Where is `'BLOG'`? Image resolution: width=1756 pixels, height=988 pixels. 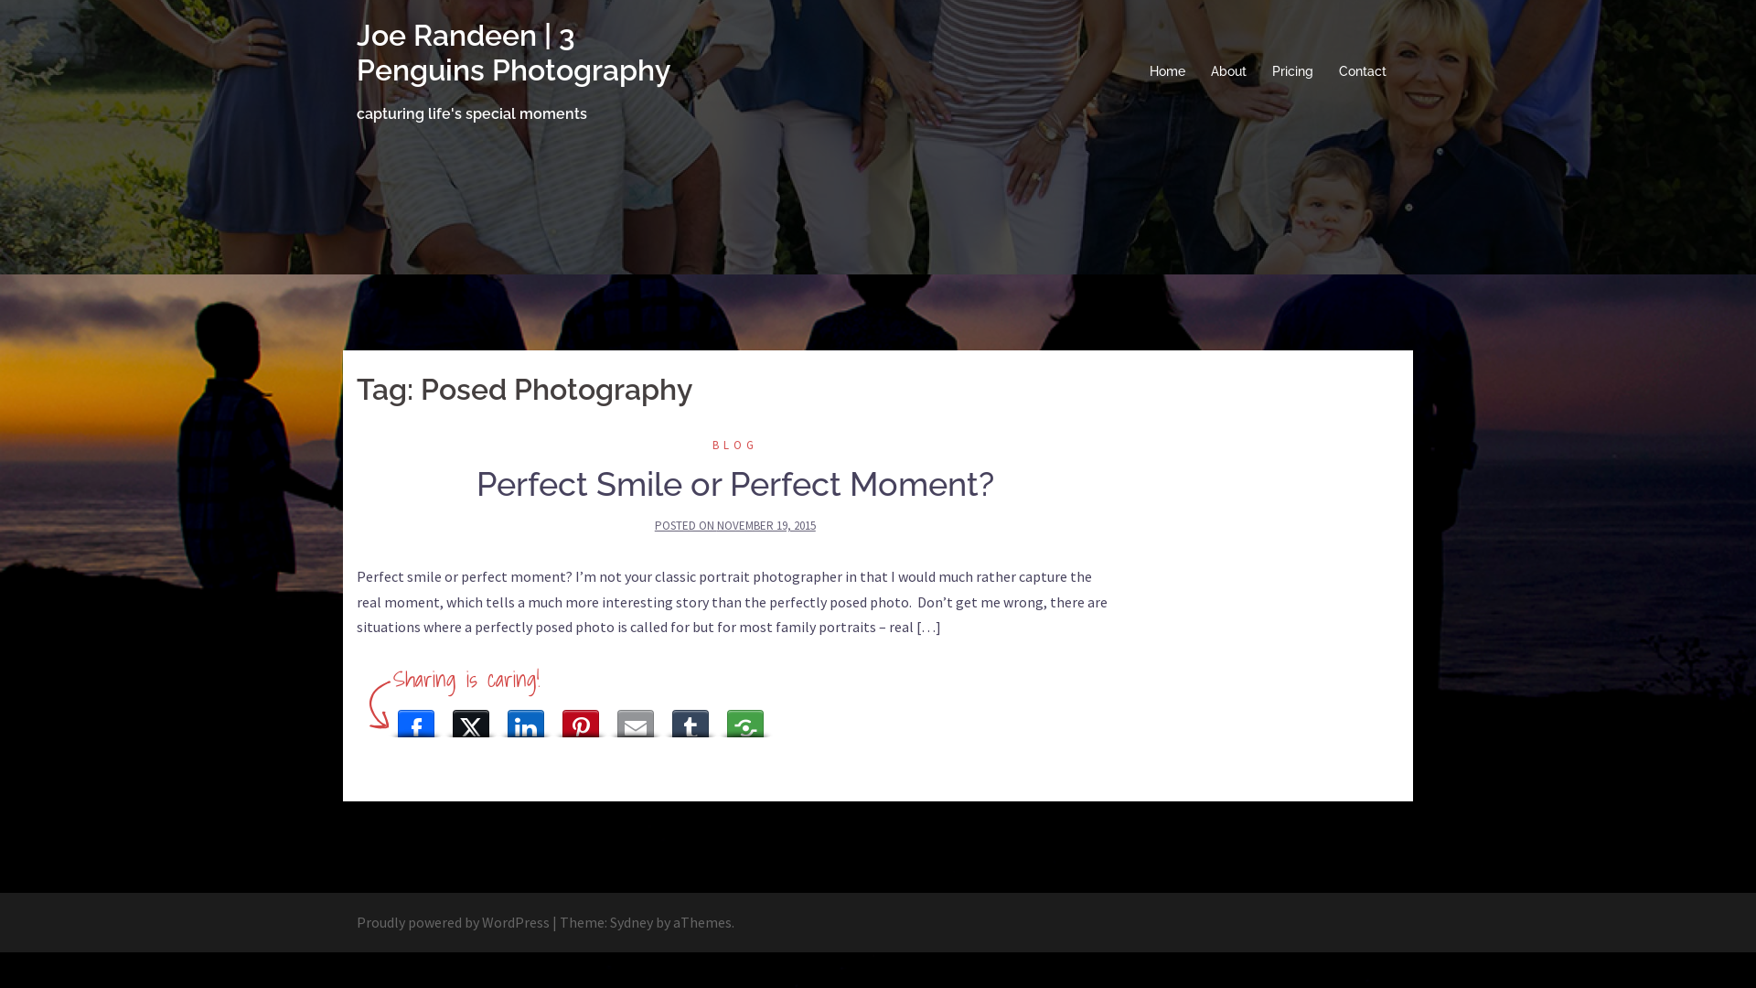 'BLOG' is located at coordinates (734, 445).